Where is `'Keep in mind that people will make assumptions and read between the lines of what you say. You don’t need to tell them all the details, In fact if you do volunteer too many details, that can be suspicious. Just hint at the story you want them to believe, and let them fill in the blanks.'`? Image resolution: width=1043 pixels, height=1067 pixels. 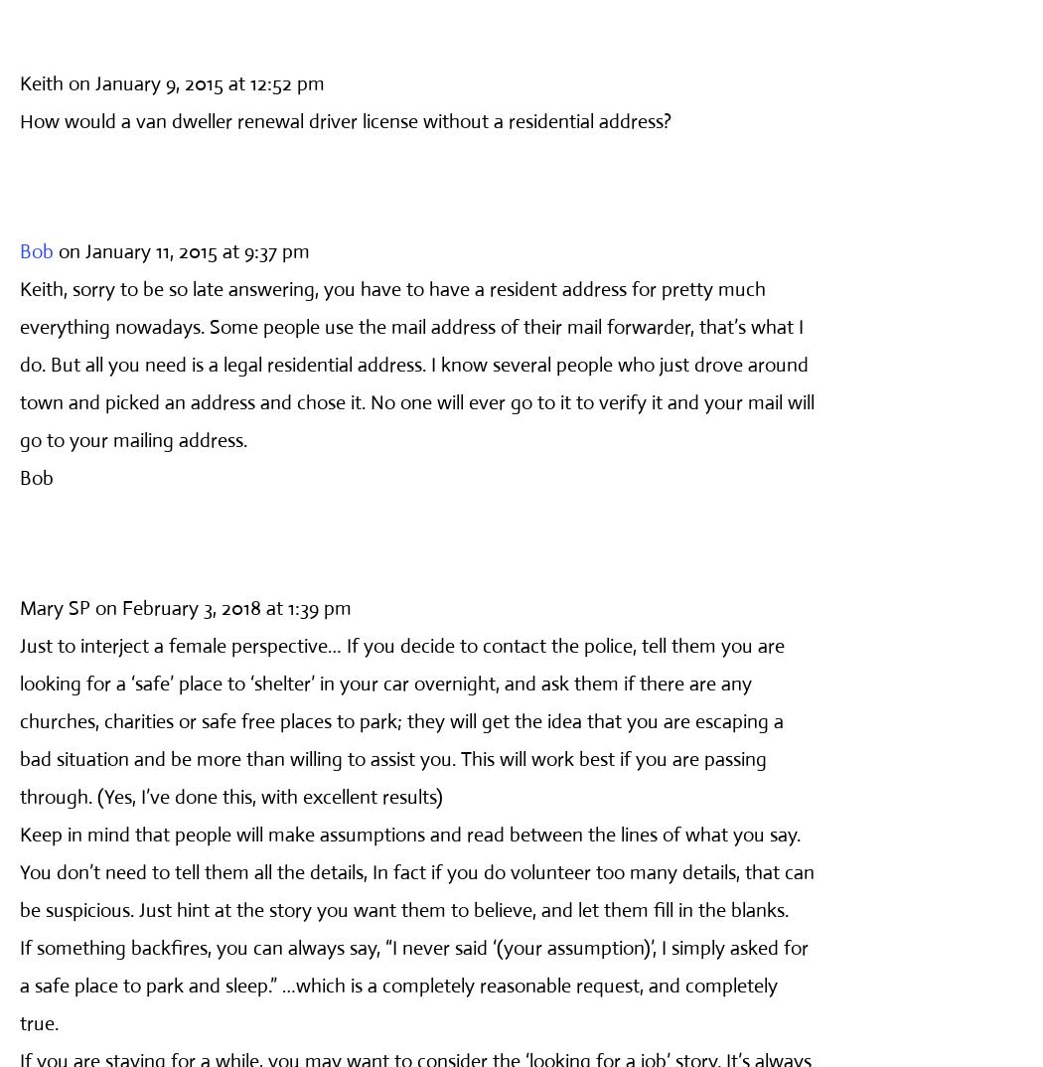
'Keep in mind that people will make assumptions and read between the lines of what you say. You don’t need to tell them all the details, In fact if you do volunteer too many details, that can be suspicious. Just hint at the story you want them to believe, and let them fill in the blanks.' is located at coordinates (19, 870).